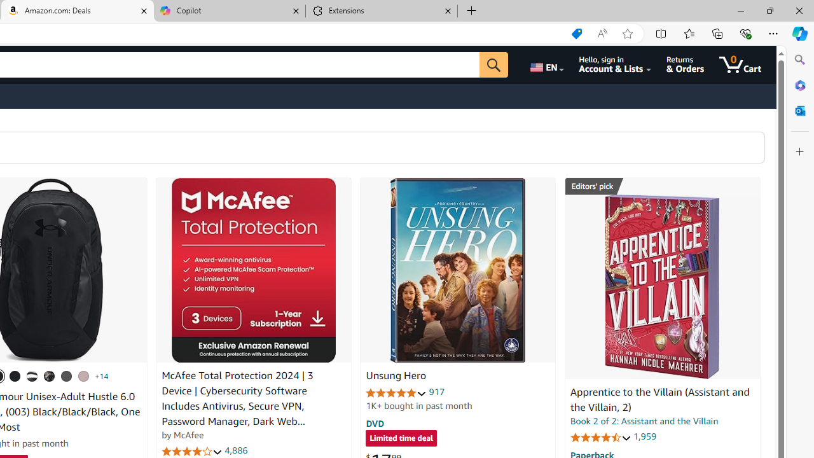 This screenshot has width=814, height=458. I want to click on 'Editors', so click(661, 186).